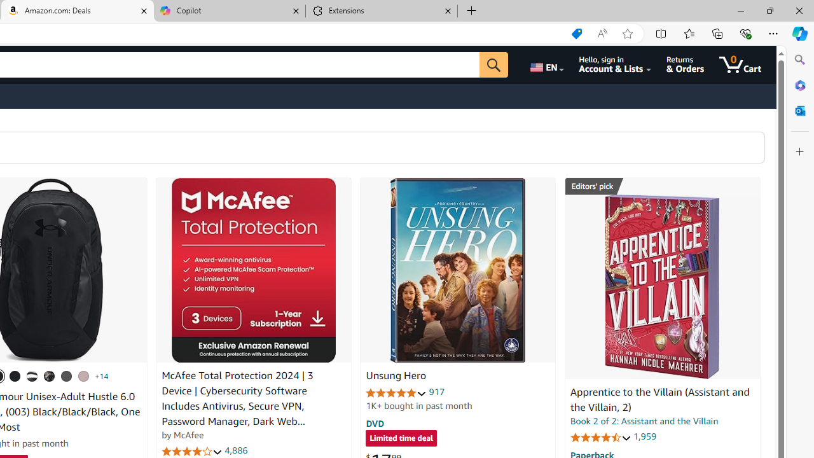 This screenshot has width=814, height=458. I want to click on 'Editors', so click(661, 186).